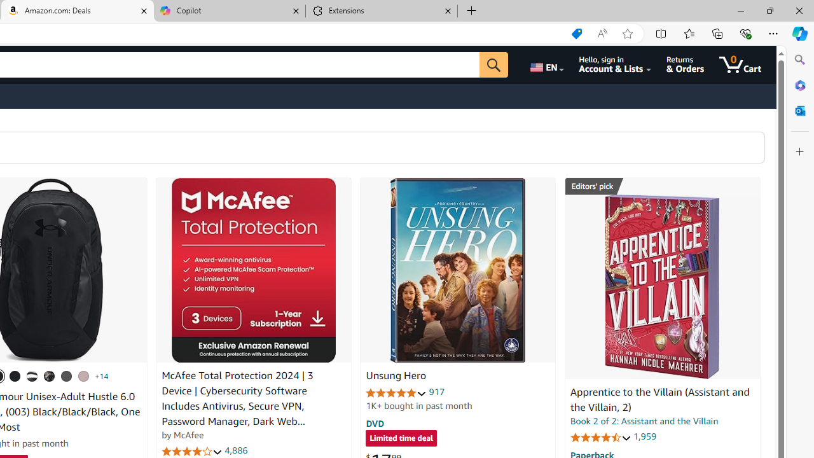 This screenshot has width=814, height=458. I want to click on 'Editors', so click(661, 186).